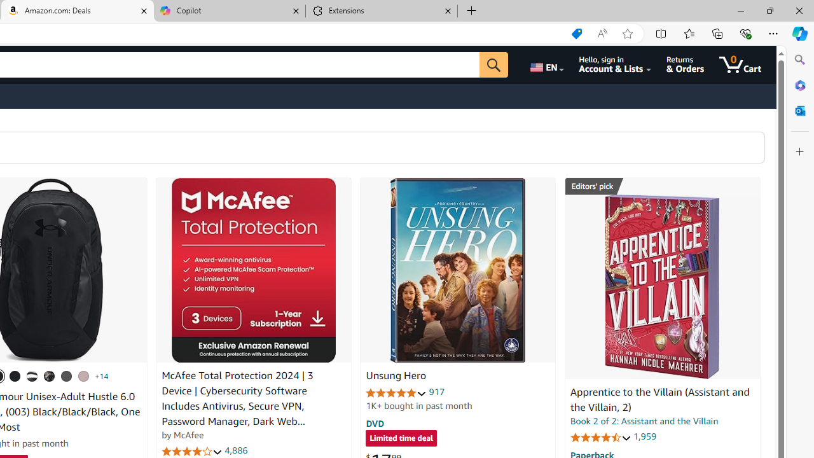 This screenshot has width=814, height=458. I want to click on 'Editors', so click(661, 186).